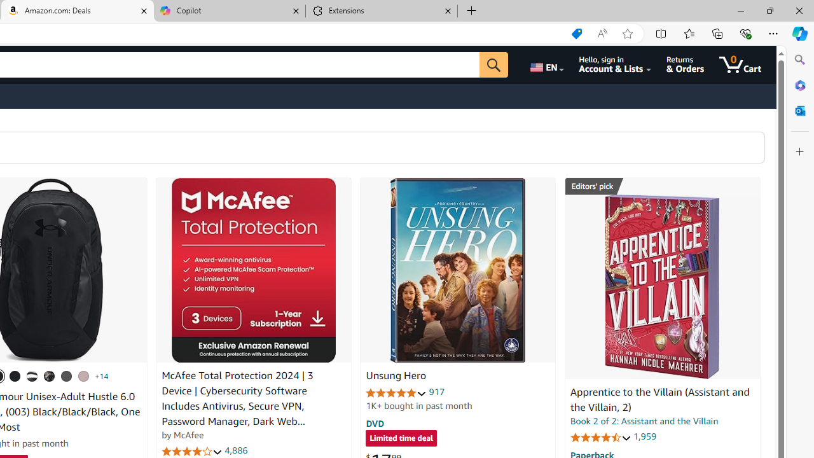 This screenshot has width=814, height=458. I want to click on 'Editors', so click(661, 186).